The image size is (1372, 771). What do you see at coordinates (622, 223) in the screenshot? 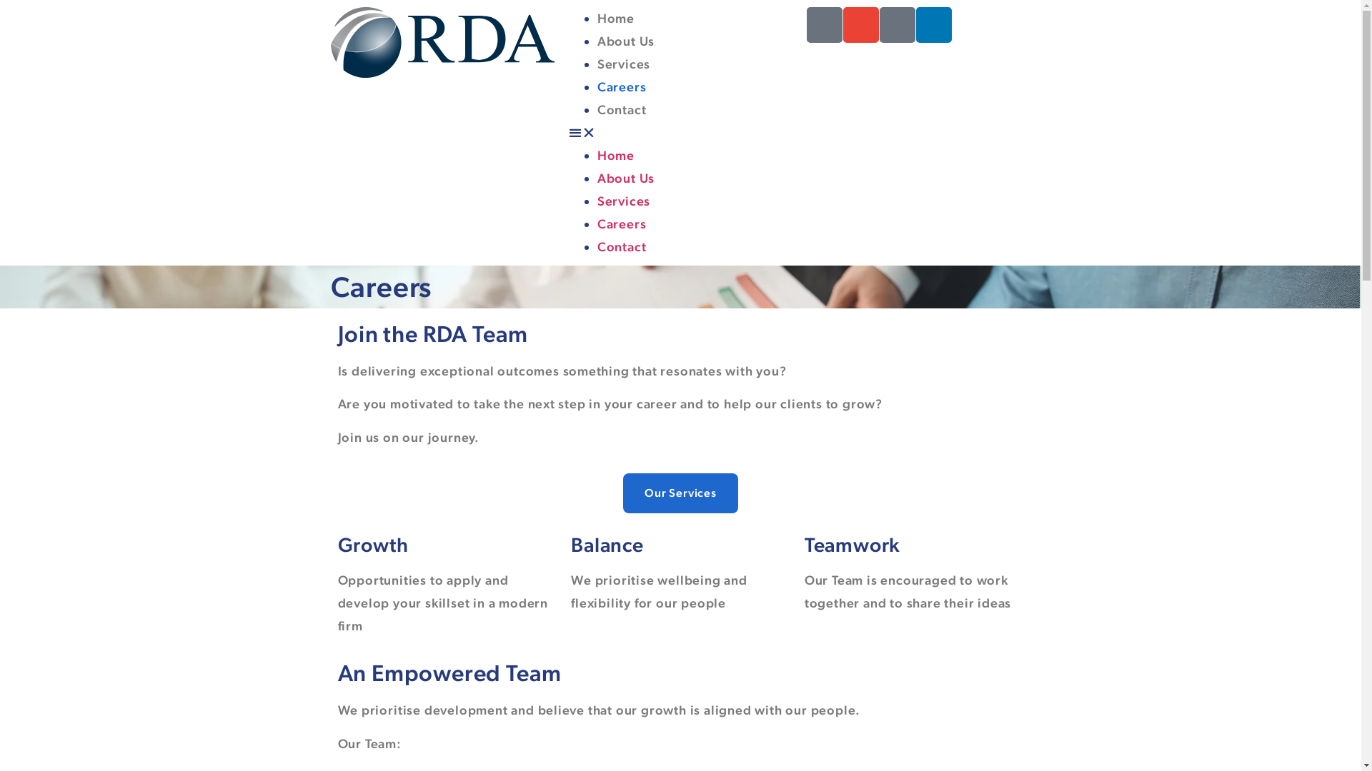
I see `'Careers'` at bounding box center [622, 223].